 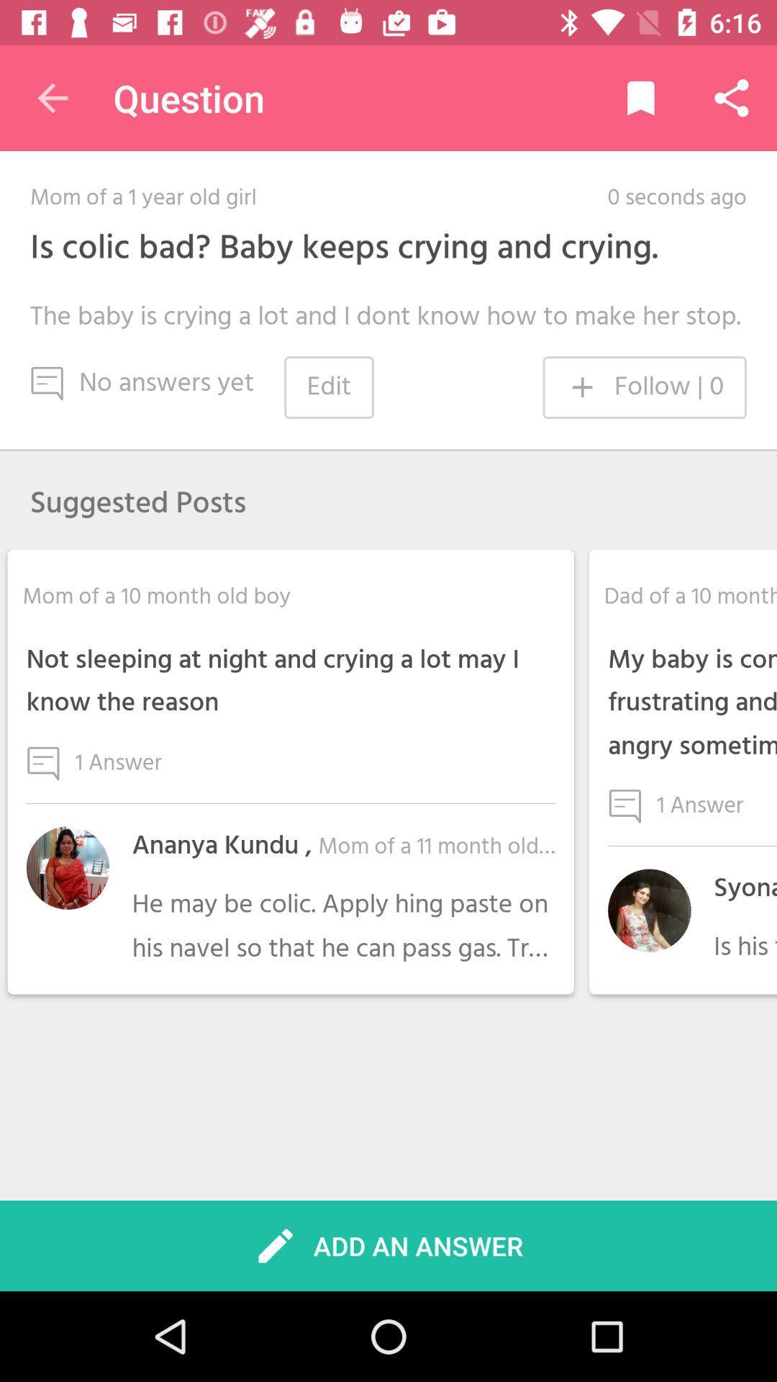 What do you see at coordinates (387, 1245) in the screenshot?
I see `the add an answer` at bounding box center [387, 1245].